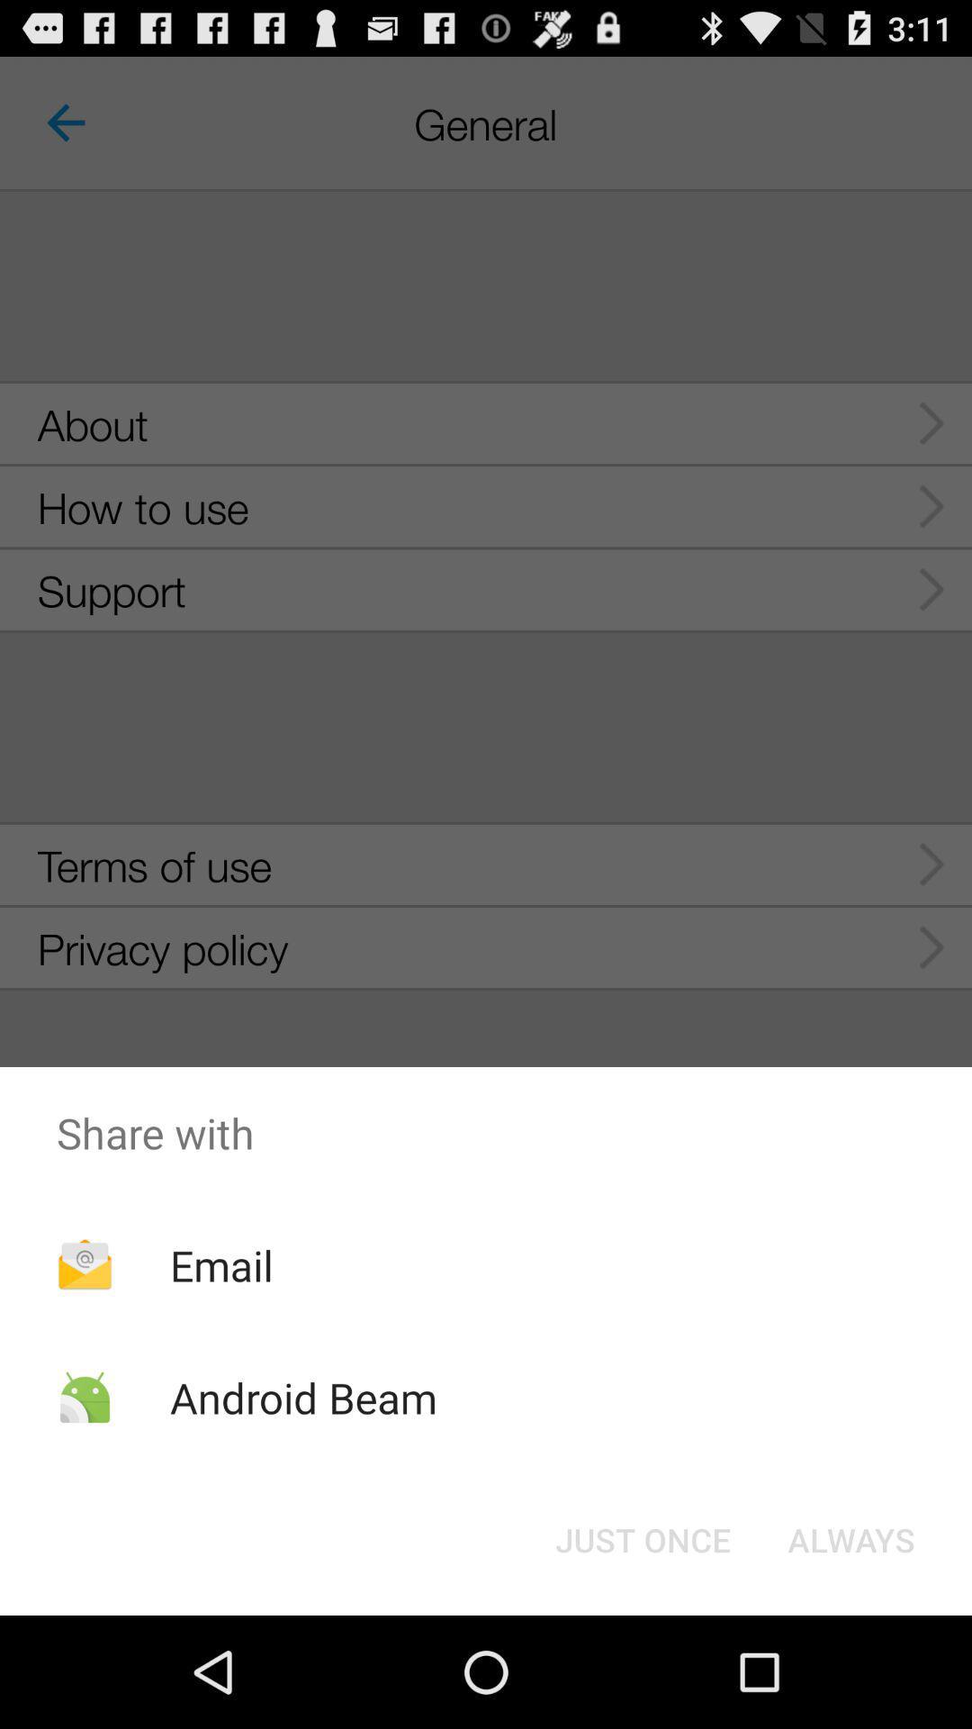 This screenshot has width=972, height=1729. I want to click on email icon, so click(220, 1264).